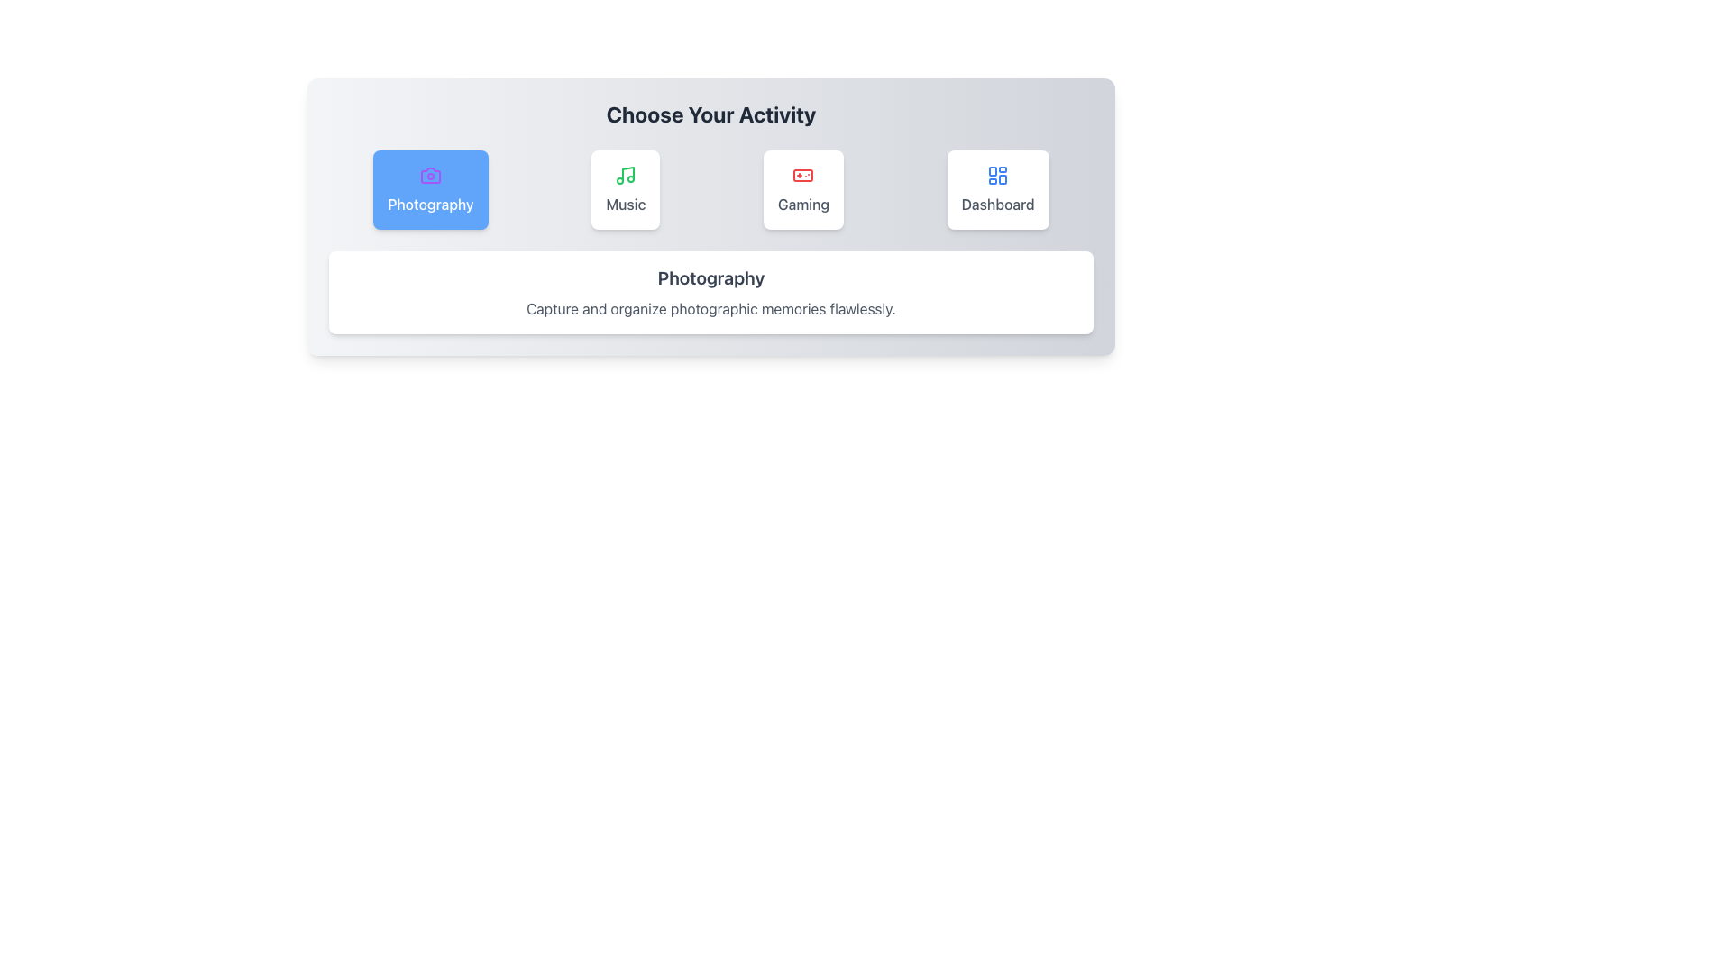 This screenshot has height=973, width=1731. I want to click on the 'Gaming' activity card, which is the third button in a row of four cards labeled 'Music', 'Gaming', and 'Dashboard', so click(802, 190).